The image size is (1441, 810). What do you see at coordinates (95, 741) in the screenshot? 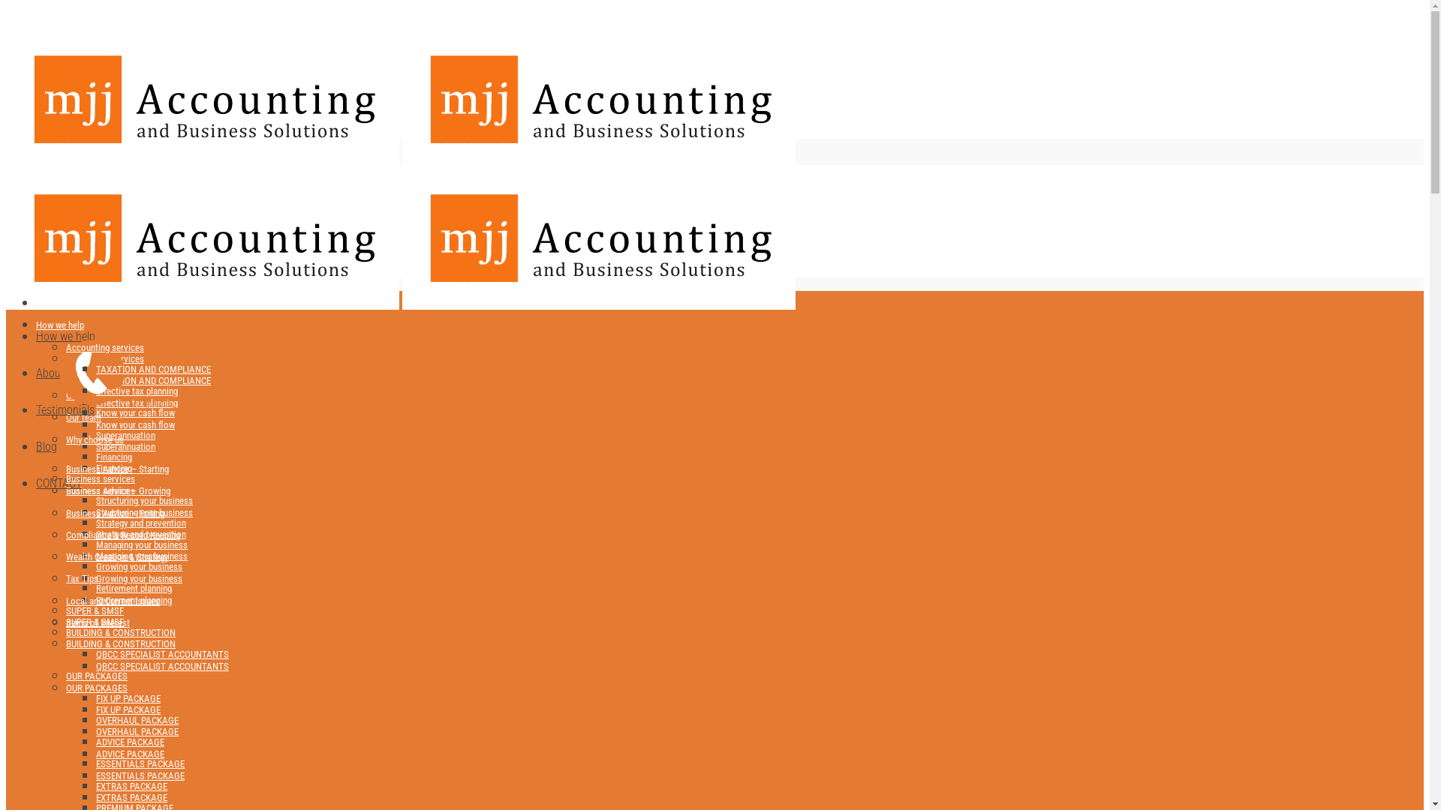
I see `'ADVICE PACKAGE'` at bounding box center [95, 741].